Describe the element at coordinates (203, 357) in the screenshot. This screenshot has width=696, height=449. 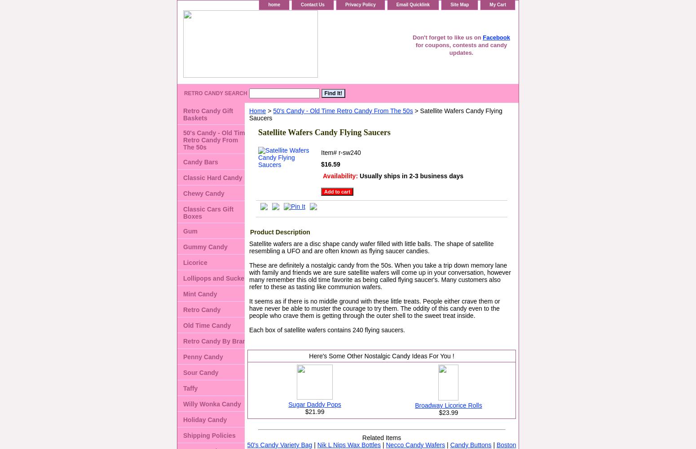
I see `'Penny Candy'` at that location.